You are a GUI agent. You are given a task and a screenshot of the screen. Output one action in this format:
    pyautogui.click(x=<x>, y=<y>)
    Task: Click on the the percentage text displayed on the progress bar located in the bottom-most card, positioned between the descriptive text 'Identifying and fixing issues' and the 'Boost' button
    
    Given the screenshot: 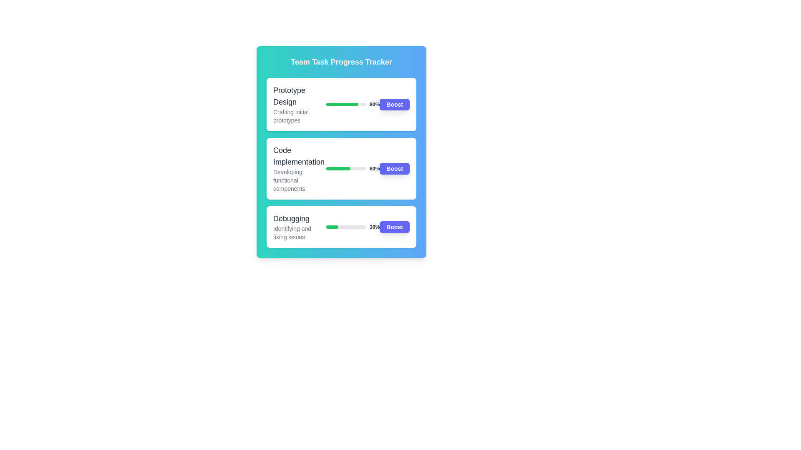 What is the action you would take?
    pyautogui.click(x=353, y=227)
    